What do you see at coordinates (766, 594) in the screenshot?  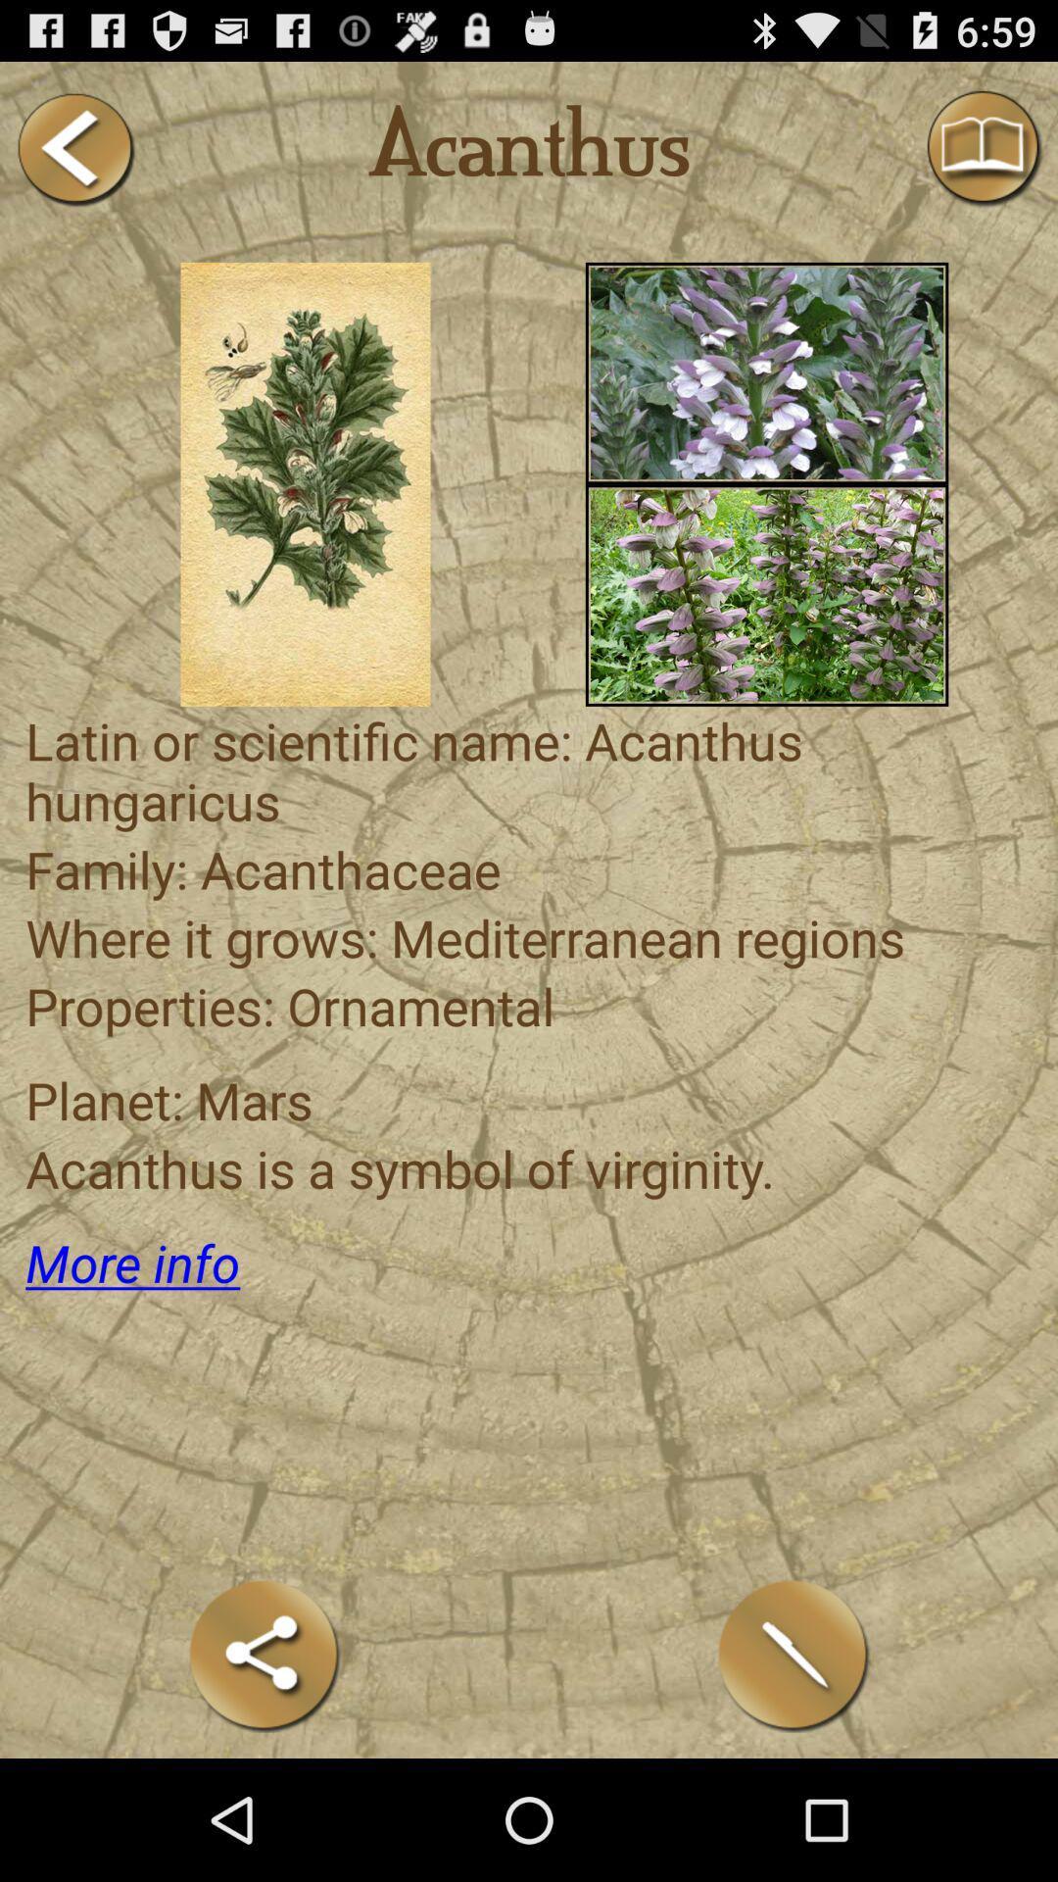 I see `picture button` at bounding box center [766, 594].